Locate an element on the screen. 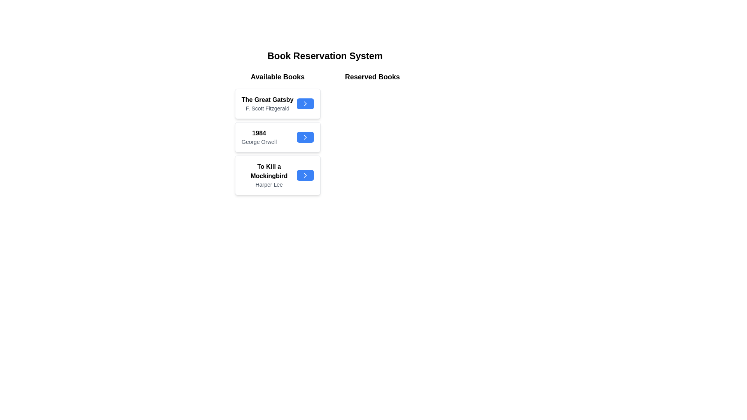 The image size is (747, 420). the centered header text labeled 'Book Reservation System', which is styled in bold and large font at the top of the interface is located at coordinates (325, 55).